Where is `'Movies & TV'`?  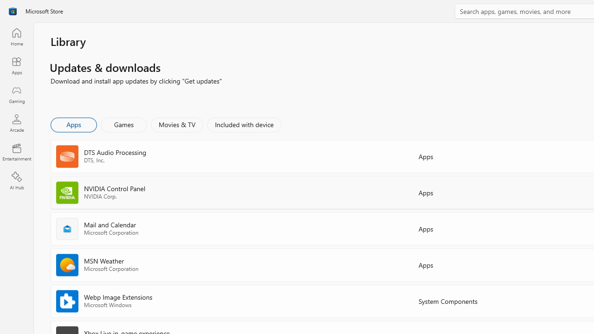
'Movies & TV' is located at coordinates (177, 124).